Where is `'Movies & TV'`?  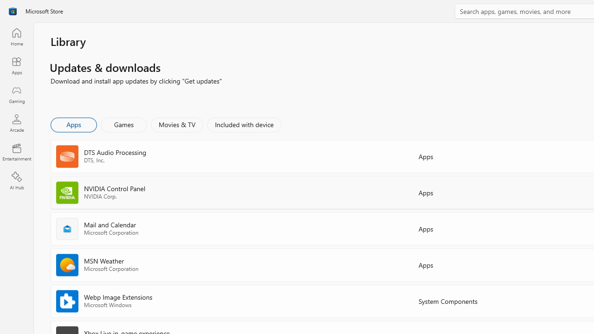
'Movies & TV' is located at coordinates (177, 124).